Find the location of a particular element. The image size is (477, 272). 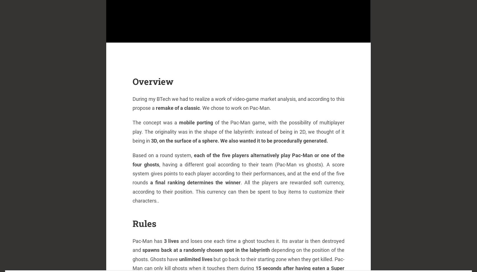

'. All the players are rewarded soft currency, according to their position. This currency can then be spent to buy items to customize their characters..' is located at coordinates (238, 191).